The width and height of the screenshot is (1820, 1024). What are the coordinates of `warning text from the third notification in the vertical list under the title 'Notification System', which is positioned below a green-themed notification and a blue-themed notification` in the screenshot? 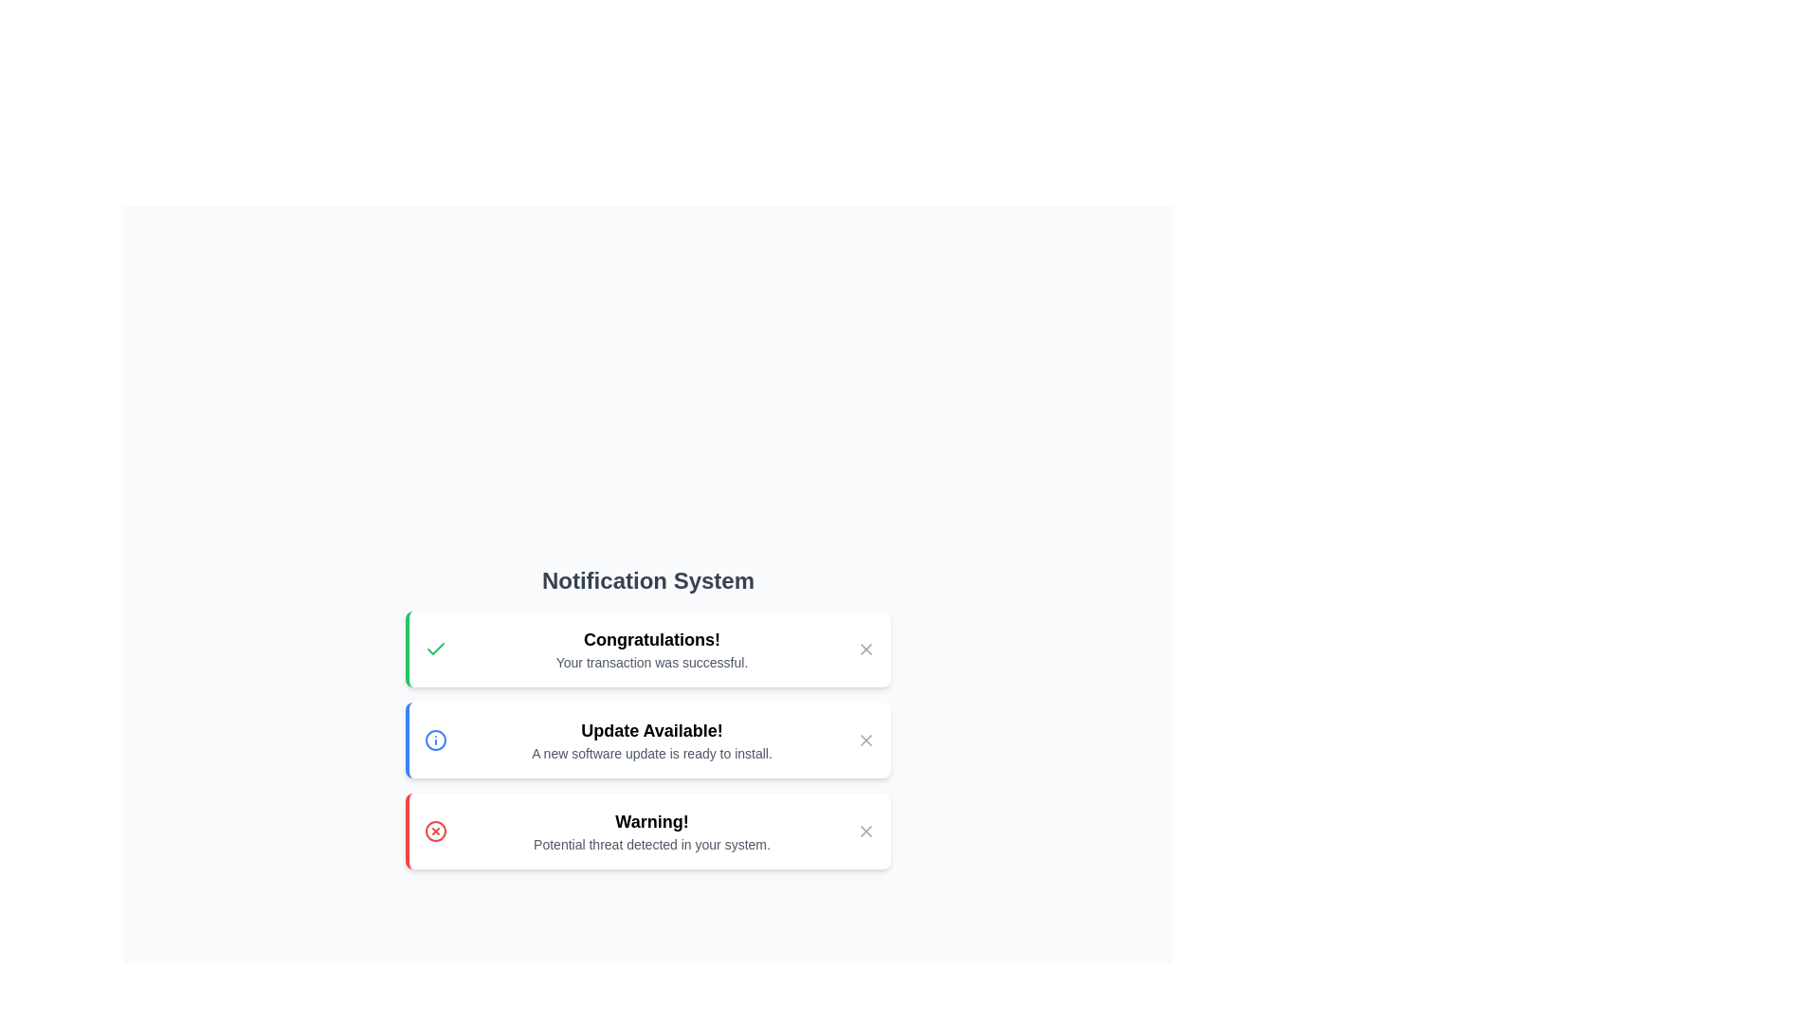 It's located at (648, 830).